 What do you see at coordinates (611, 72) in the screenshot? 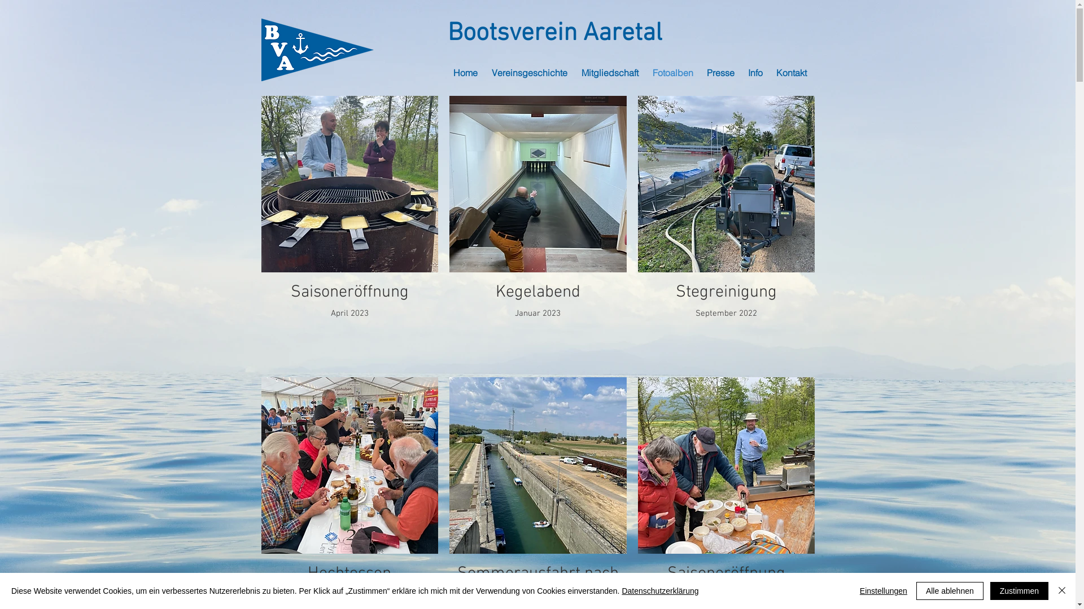
I see `'Mitgliedschaft'` at bounding box center [611, 72].